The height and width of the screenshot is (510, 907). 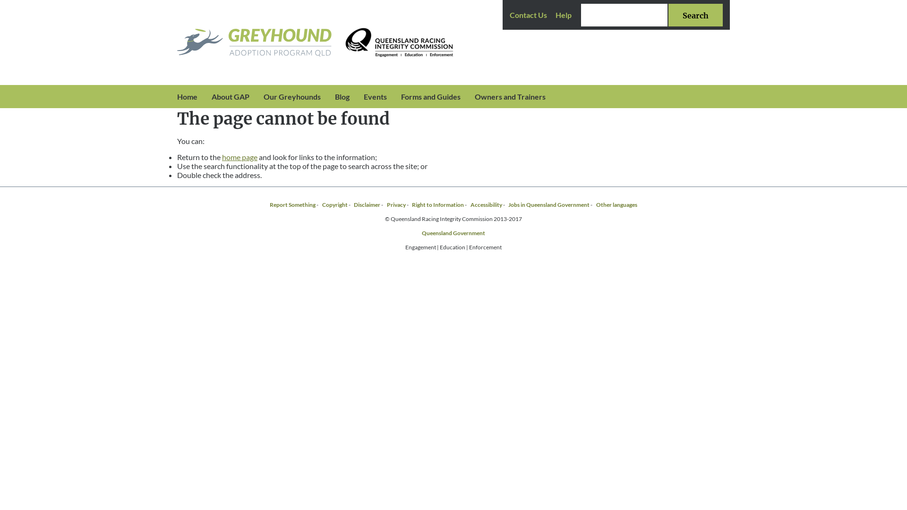 I want to click on 'Accessibility', so click(x=486, y=204).